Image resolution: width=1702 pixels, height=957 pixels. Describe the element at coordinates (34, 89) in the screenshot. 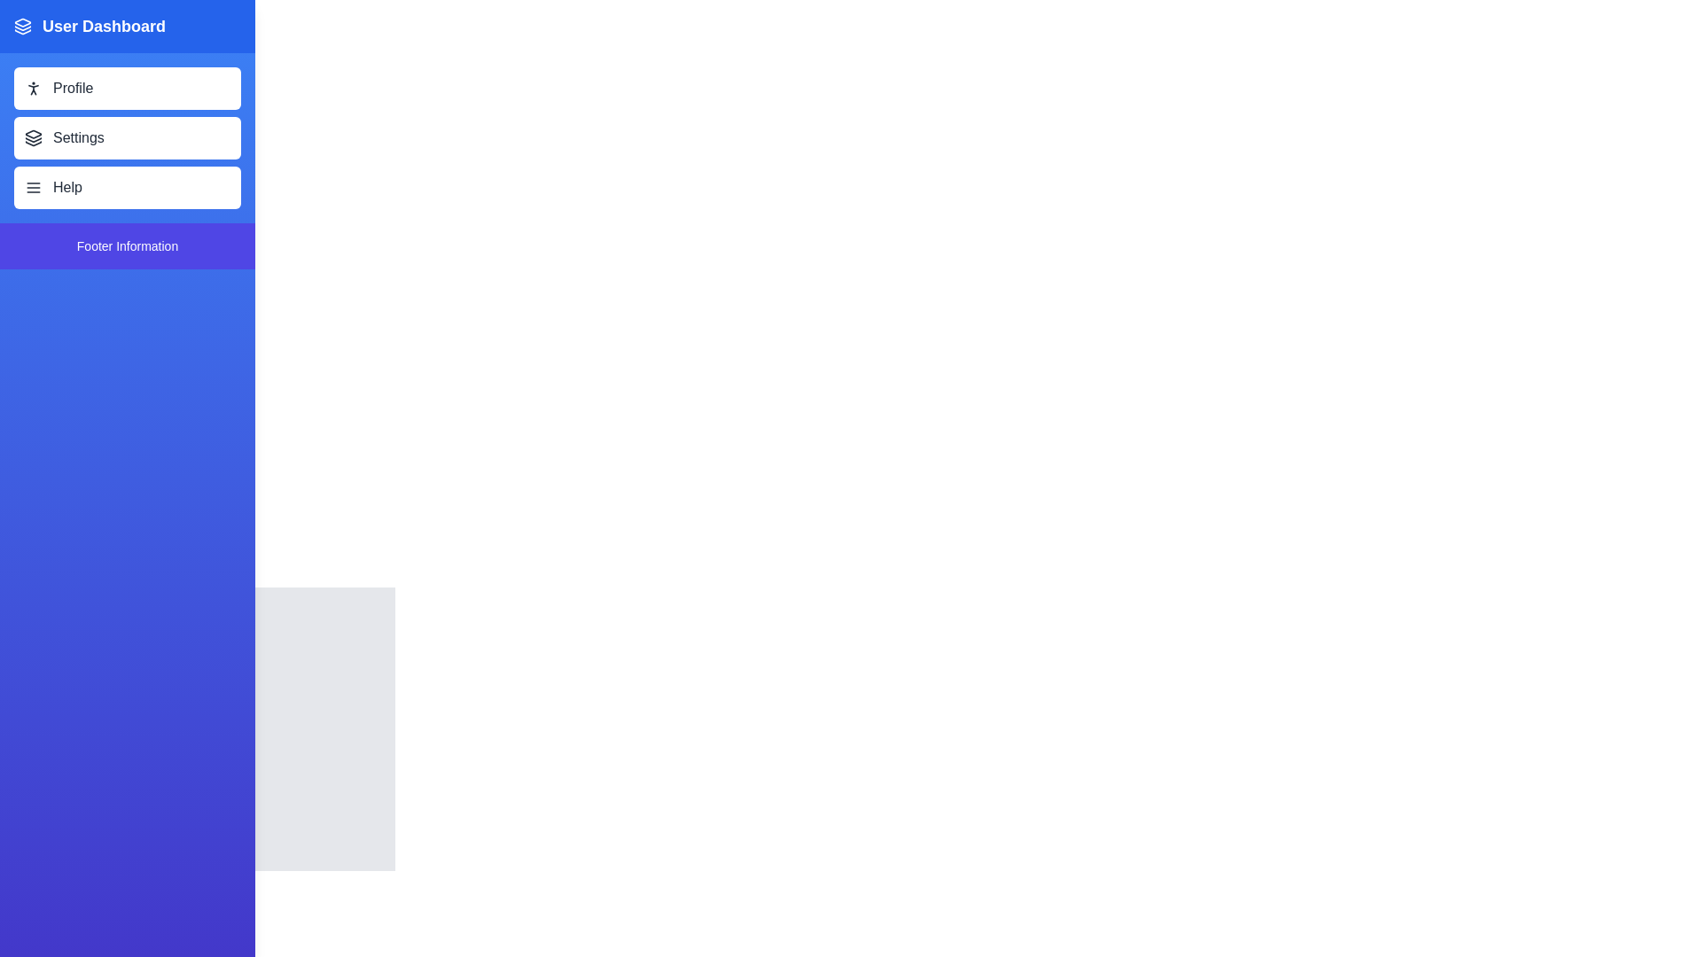

I see `the small 2D vector representation of a standing humanoid figure, which is the leftmost icon in the menu item labeled 'Profile' in the sidebar` at that location.